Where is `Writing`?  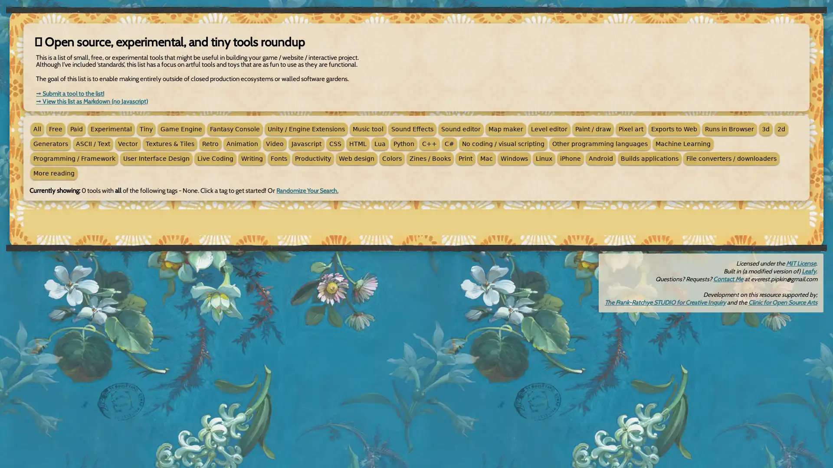
Writing is located at coordinates (251, 159).